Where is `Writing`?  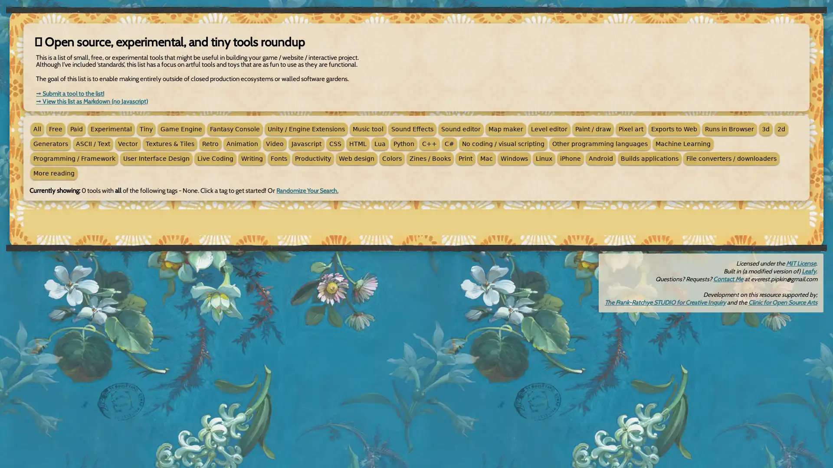
Writing is located at coordinates (251, 159).